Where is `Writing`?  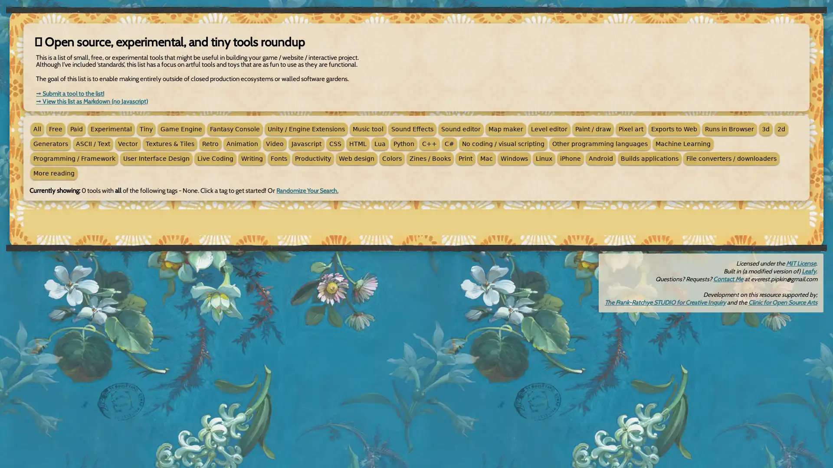
Writing is located at coordinates (251, 159).